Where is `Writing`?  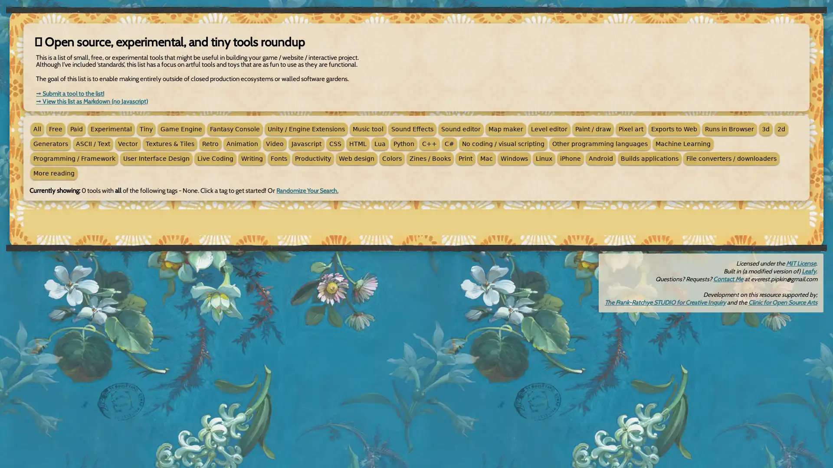
Writing is located at coordinates (251, 159).